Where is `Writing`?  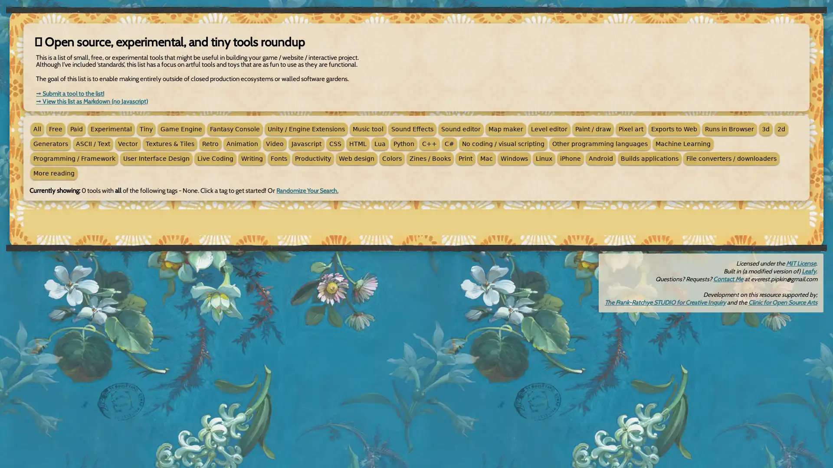
Writing is located at coordinates (251, 159).